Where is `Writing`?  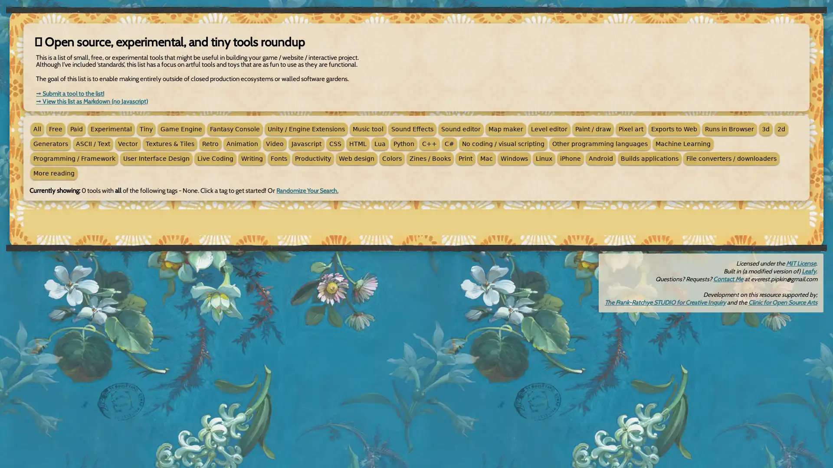
Writing is located at coordinates (251, 159).